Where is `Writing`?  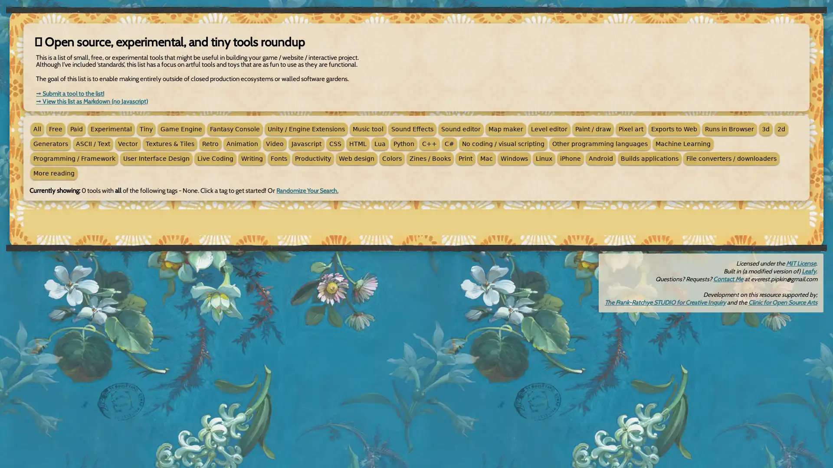
Writing is located at coordinates (251, 159).